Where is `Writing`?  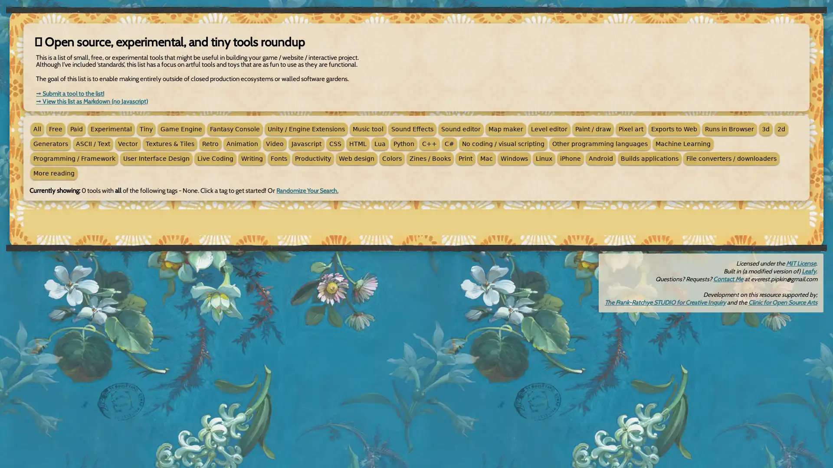
Writing is located at coordinates (251, 159).